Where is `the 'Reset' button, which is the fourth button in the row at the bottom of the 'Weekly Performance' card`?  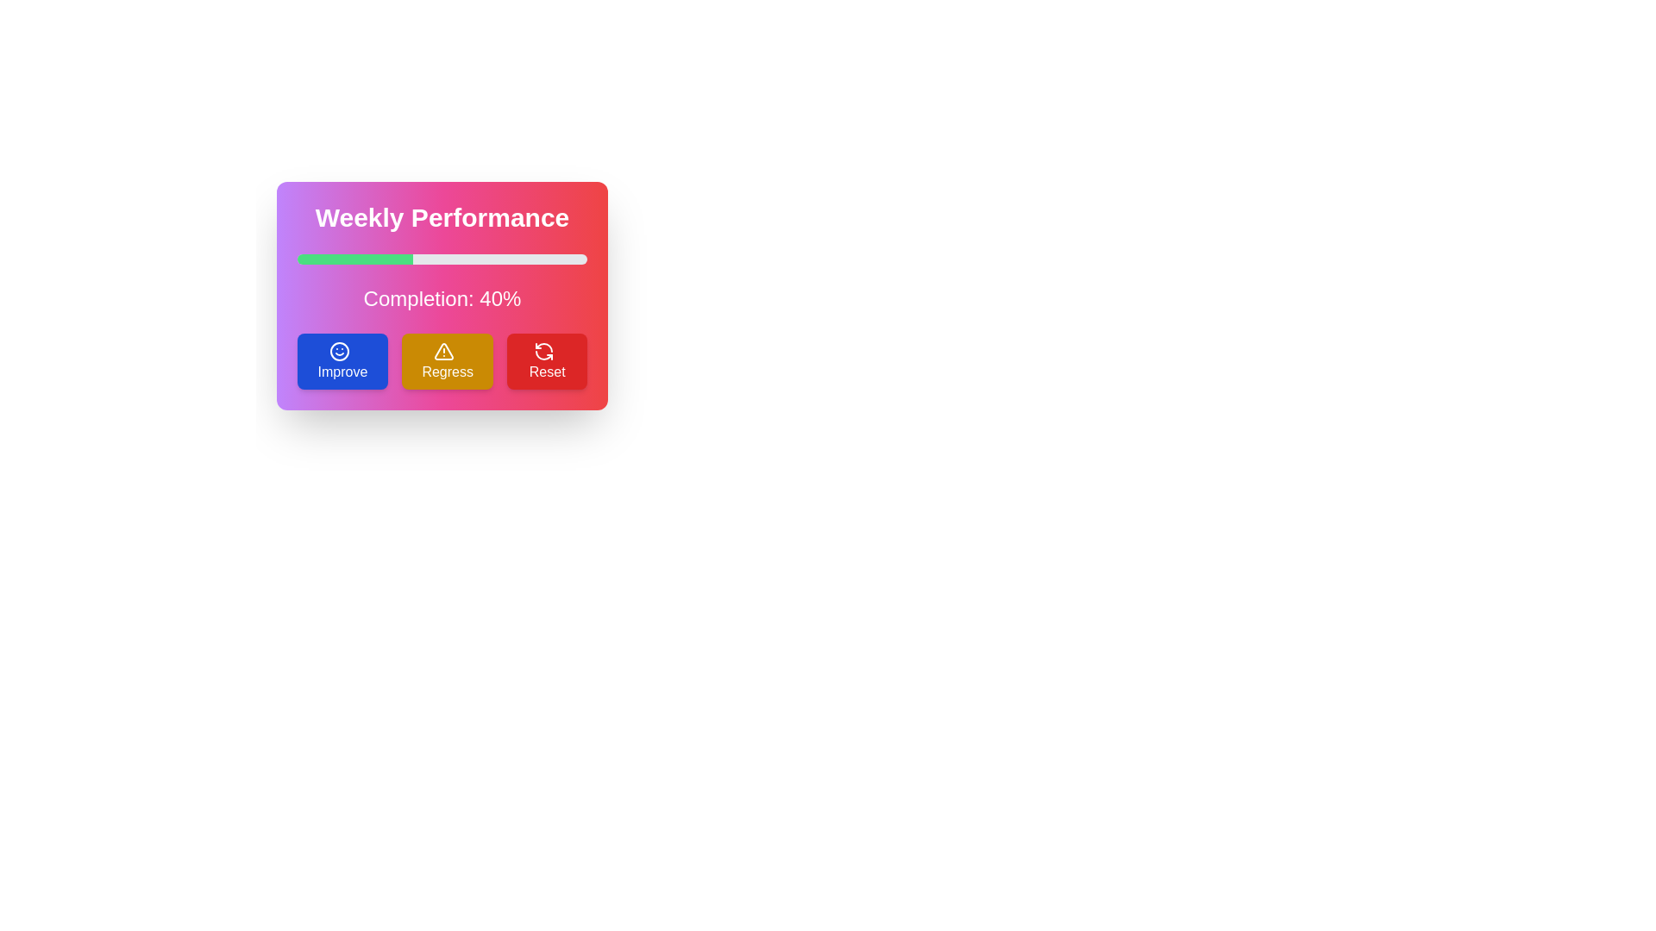
the 'Reset' button, which is the fourth button in the row at the bottom of the 'Weekly Performance' card is located at coordinates (543, 350).